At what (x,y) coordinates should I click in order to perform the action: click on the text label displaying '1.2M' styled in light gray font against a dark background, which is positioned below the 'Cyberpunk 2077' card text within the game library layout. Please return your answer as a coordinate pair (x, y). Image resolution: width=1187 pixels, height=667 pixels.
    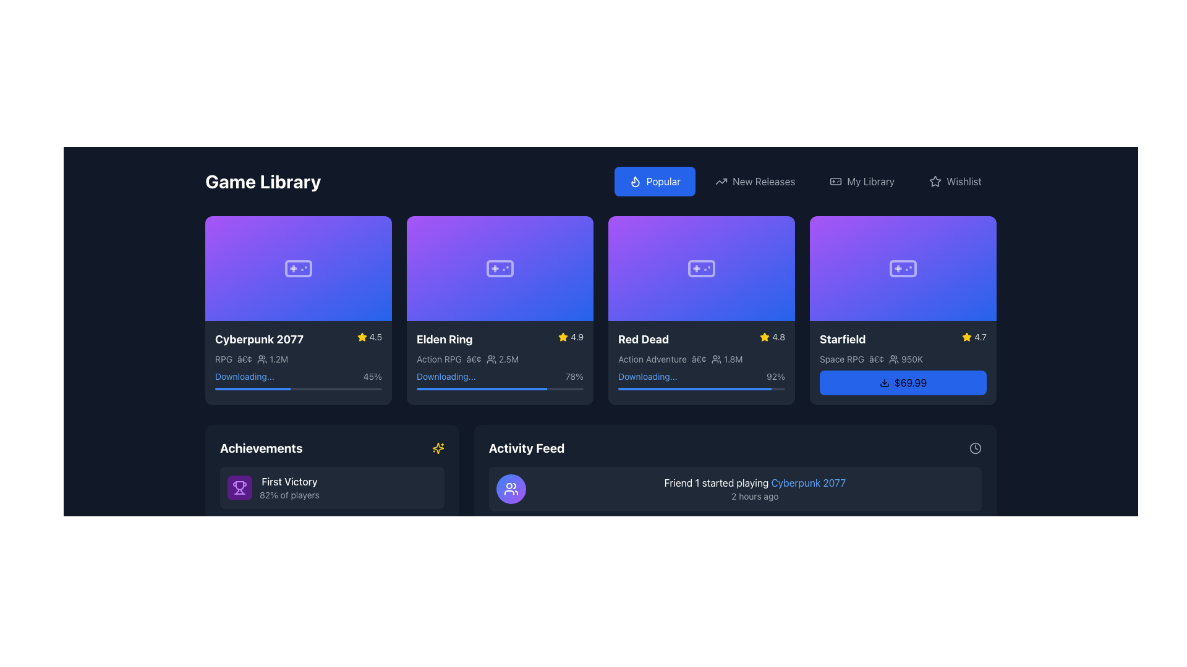
    Looking at the image, I should click on (278, 359).